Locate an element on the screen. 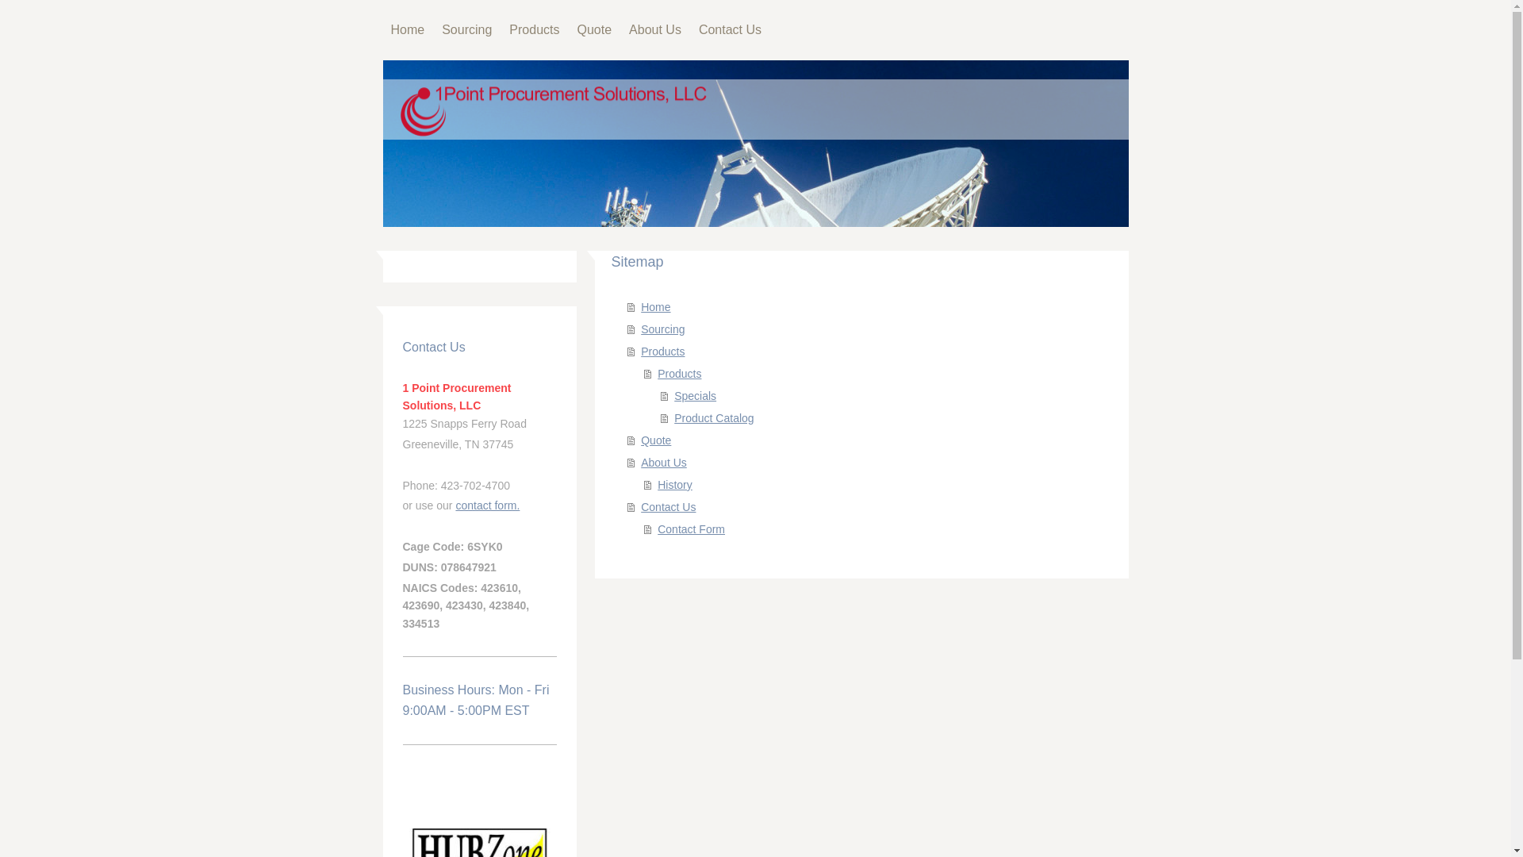 The height and width of the screenshot is (857, 1523). 'Products' is located at coordinates (643, 373).